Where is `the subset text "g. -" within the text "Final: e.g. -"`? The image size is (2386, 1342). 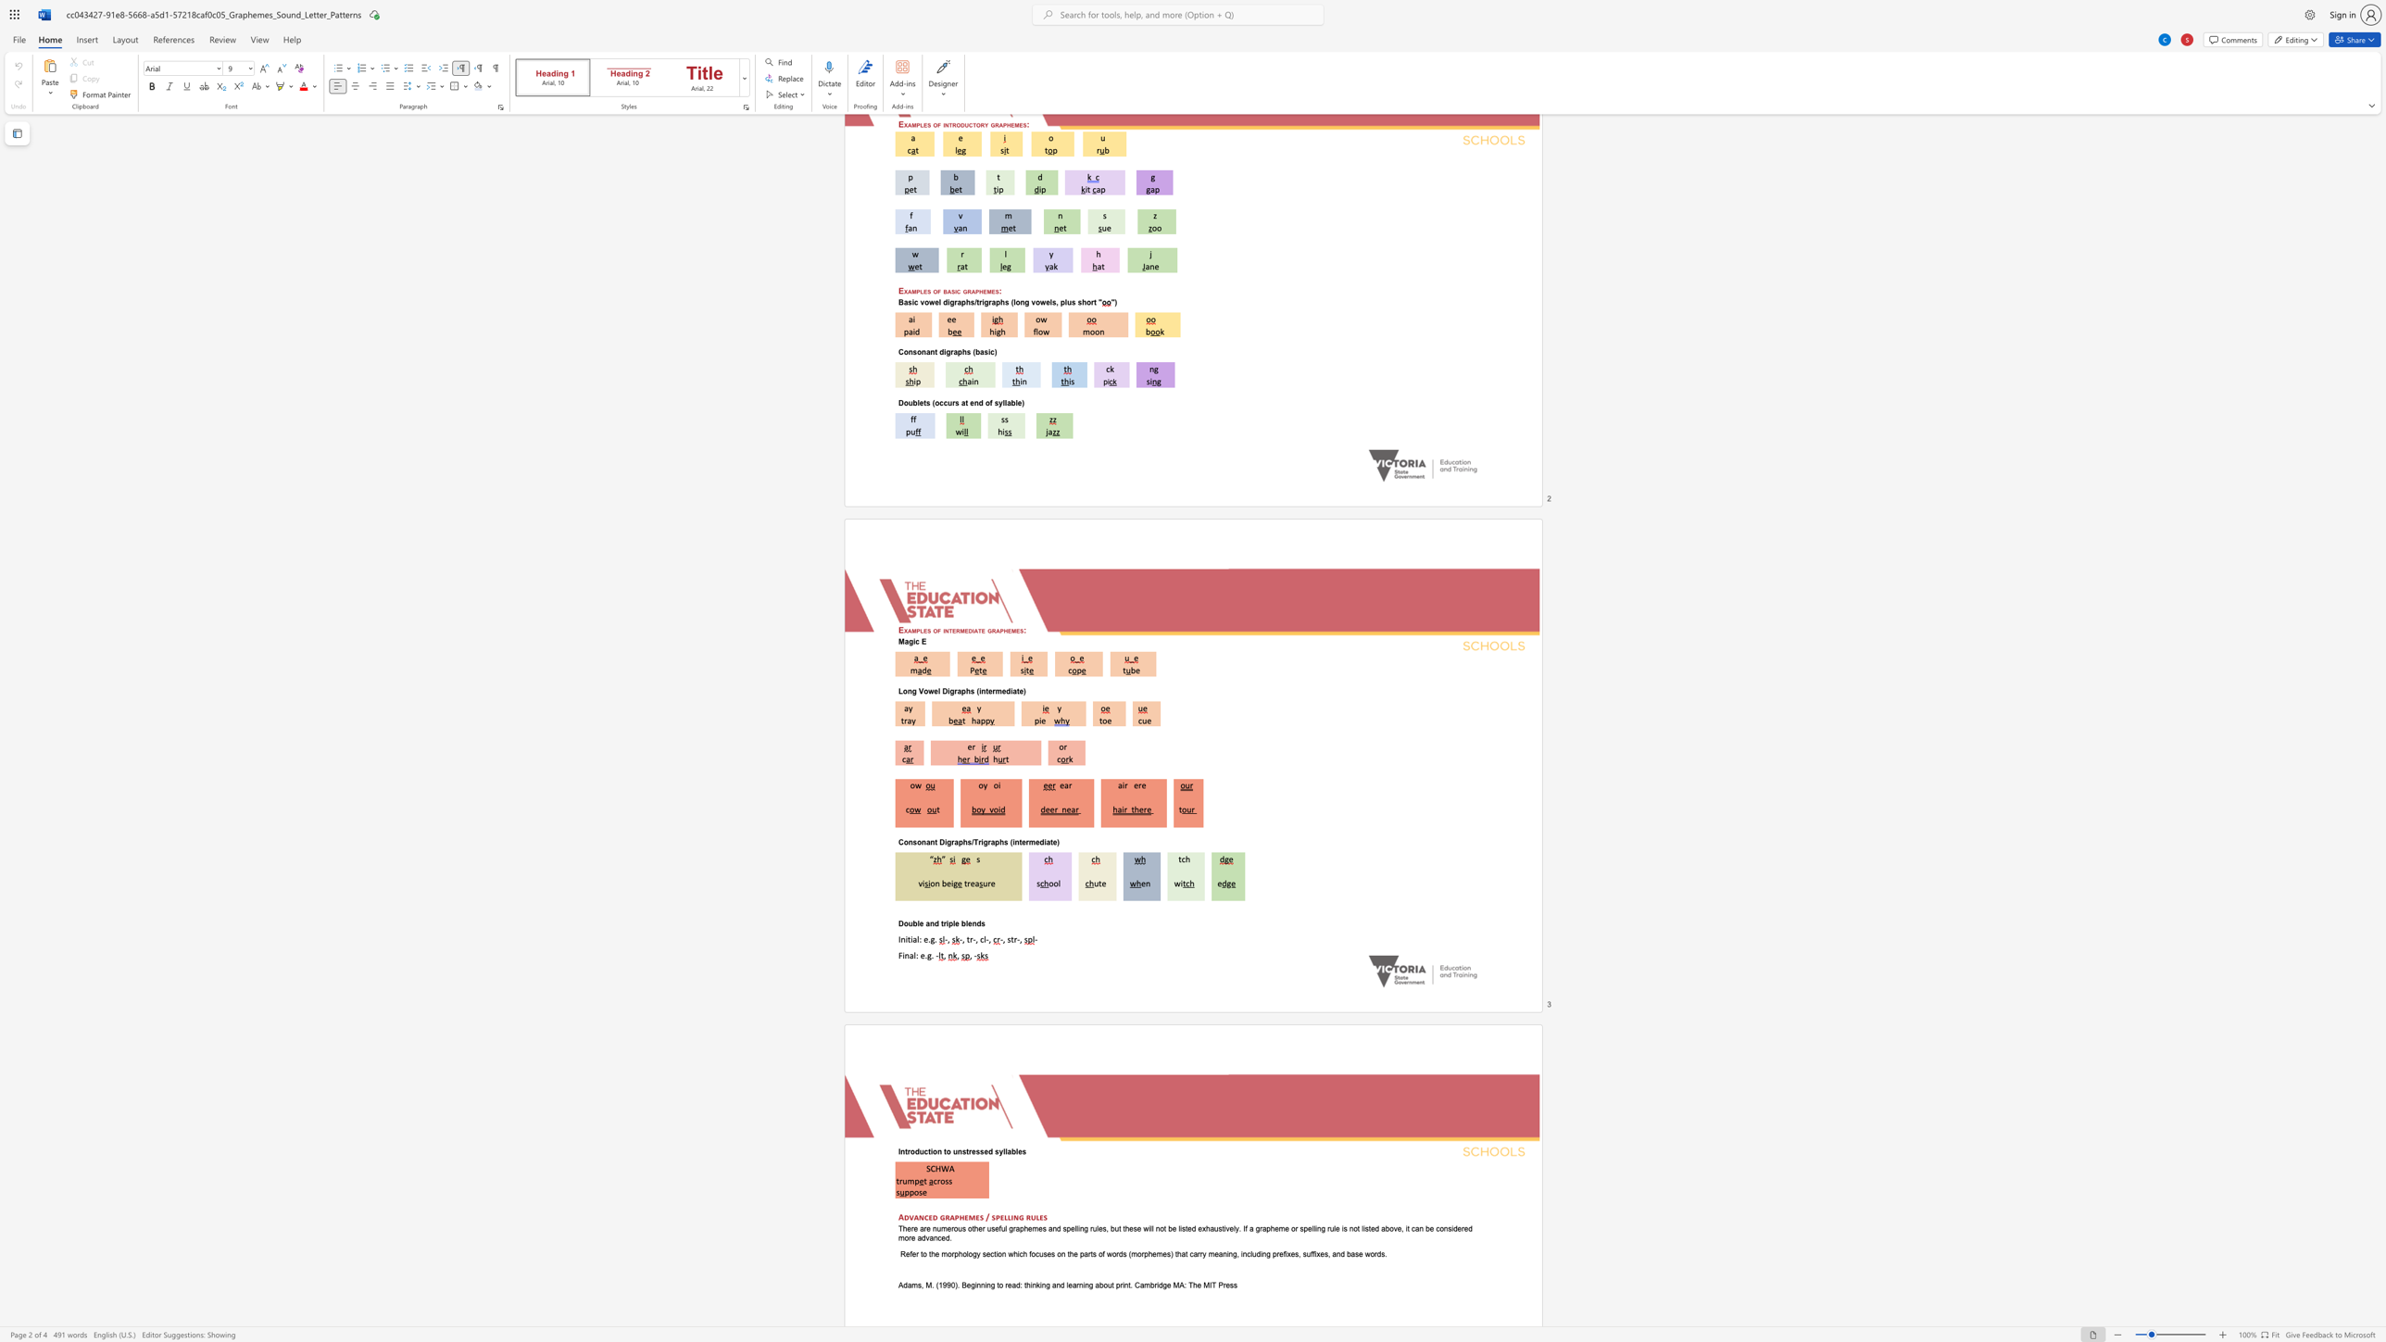 the subset text "g. -" within the text "Final: e.g. -" is located at coordinates (926, 955).